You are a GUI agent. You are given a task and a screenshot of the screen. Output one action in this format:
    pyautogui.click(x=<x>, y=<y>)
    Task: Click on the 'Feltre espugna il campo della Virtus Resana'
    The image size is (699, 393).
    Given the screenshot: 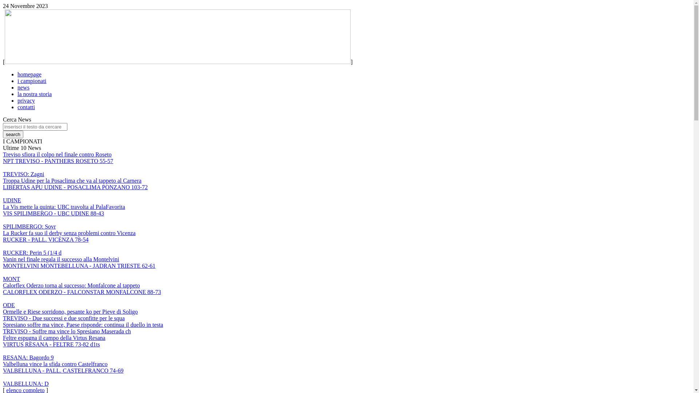 What is the action you would take?
    pyautogui.click(x=54, y=338)
    